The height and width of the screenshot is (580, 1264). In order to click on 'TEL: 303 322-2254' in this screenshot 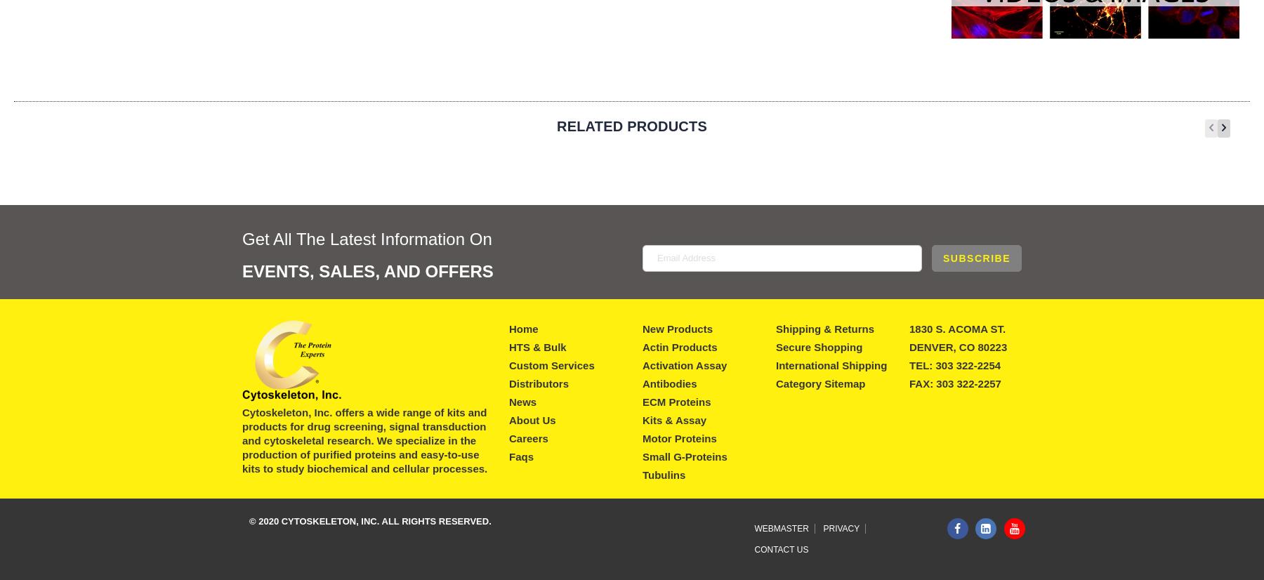, I will do `click(909, 364)`.